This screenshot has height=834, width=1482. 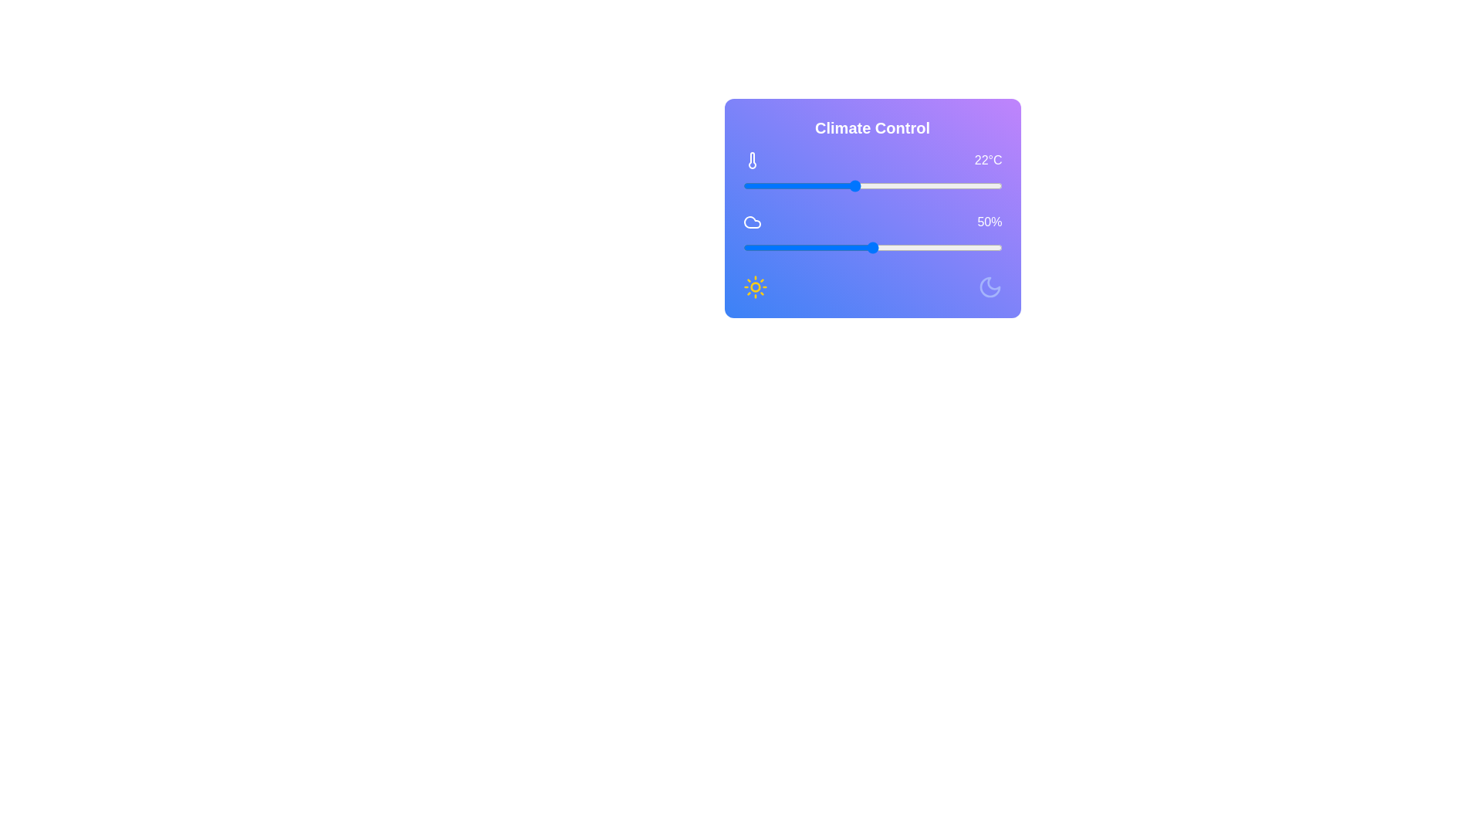 What do you see at coordinates (790, 246) in the screenshot?
I see `the slider value` at bounding box center [790, 246].